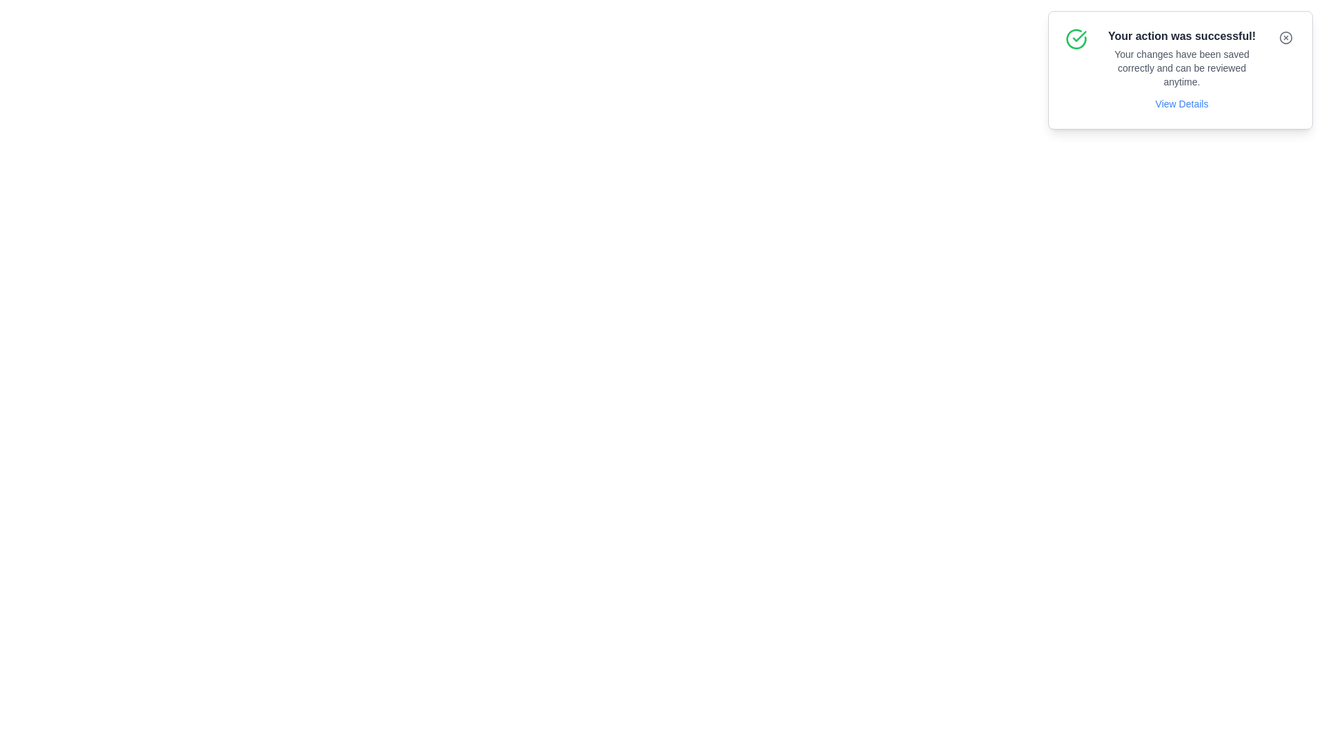 Image resolution: width=1324 pixels, height=744 pixels. Describe the element at coordinates (1285, 37) in the screenshot. I see `close button to dismiss the notification` at that location.